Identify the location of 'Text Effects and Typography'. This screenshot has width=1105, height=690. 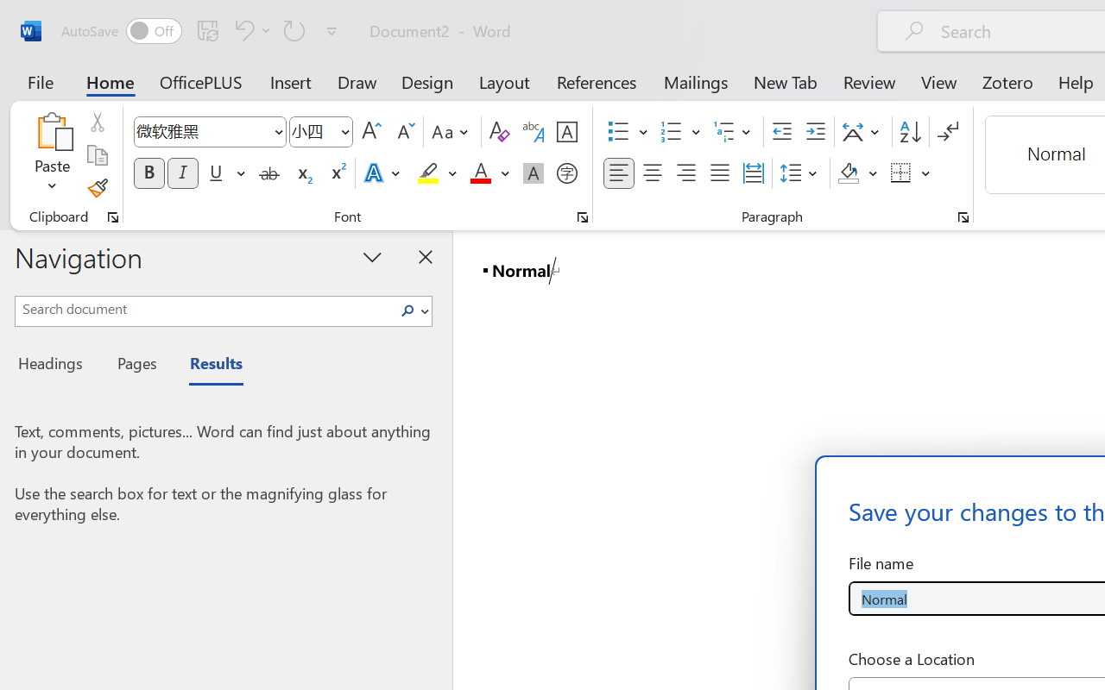
(382, 173).